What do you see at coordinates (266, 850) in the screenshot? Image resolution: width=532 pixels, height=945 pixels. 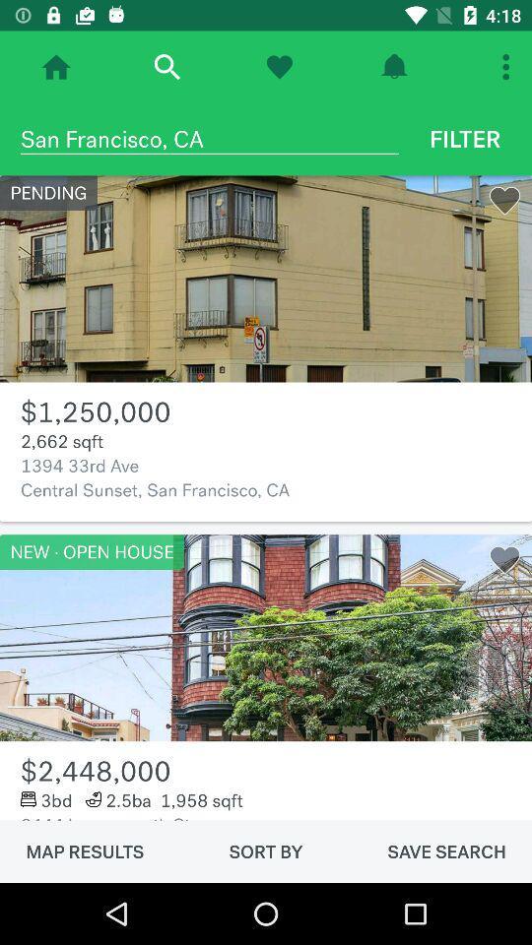 I see `the icon below 2444 leavenworth st item` at bounding box center [266, 850].